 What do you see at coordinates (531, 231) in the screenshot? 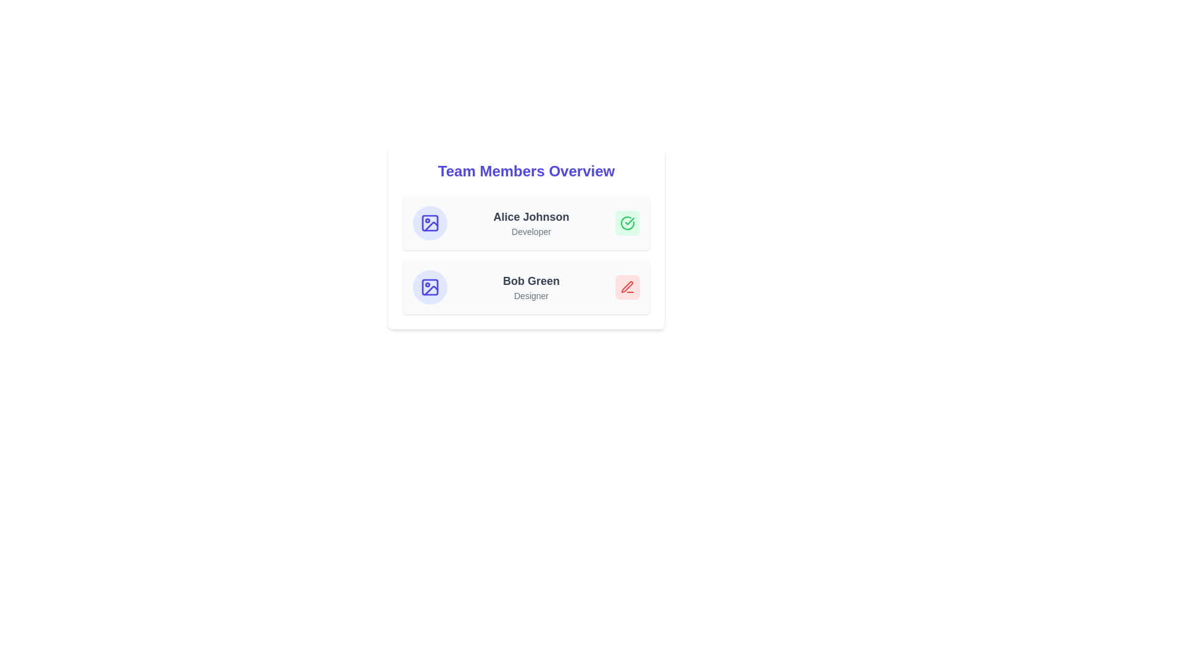
I see `the role of the team member to edit it` at bounding box center [531, 231].